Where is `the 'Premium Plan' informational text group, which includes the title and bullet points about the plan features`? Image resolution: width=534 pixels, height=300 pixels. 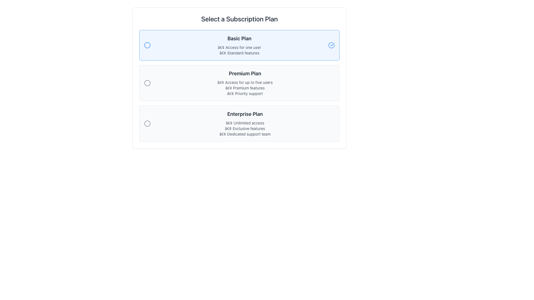
the 'Premium Plan' informational text group, which includes the title and bullet points about the plan features is located at coordinates (245, 83).